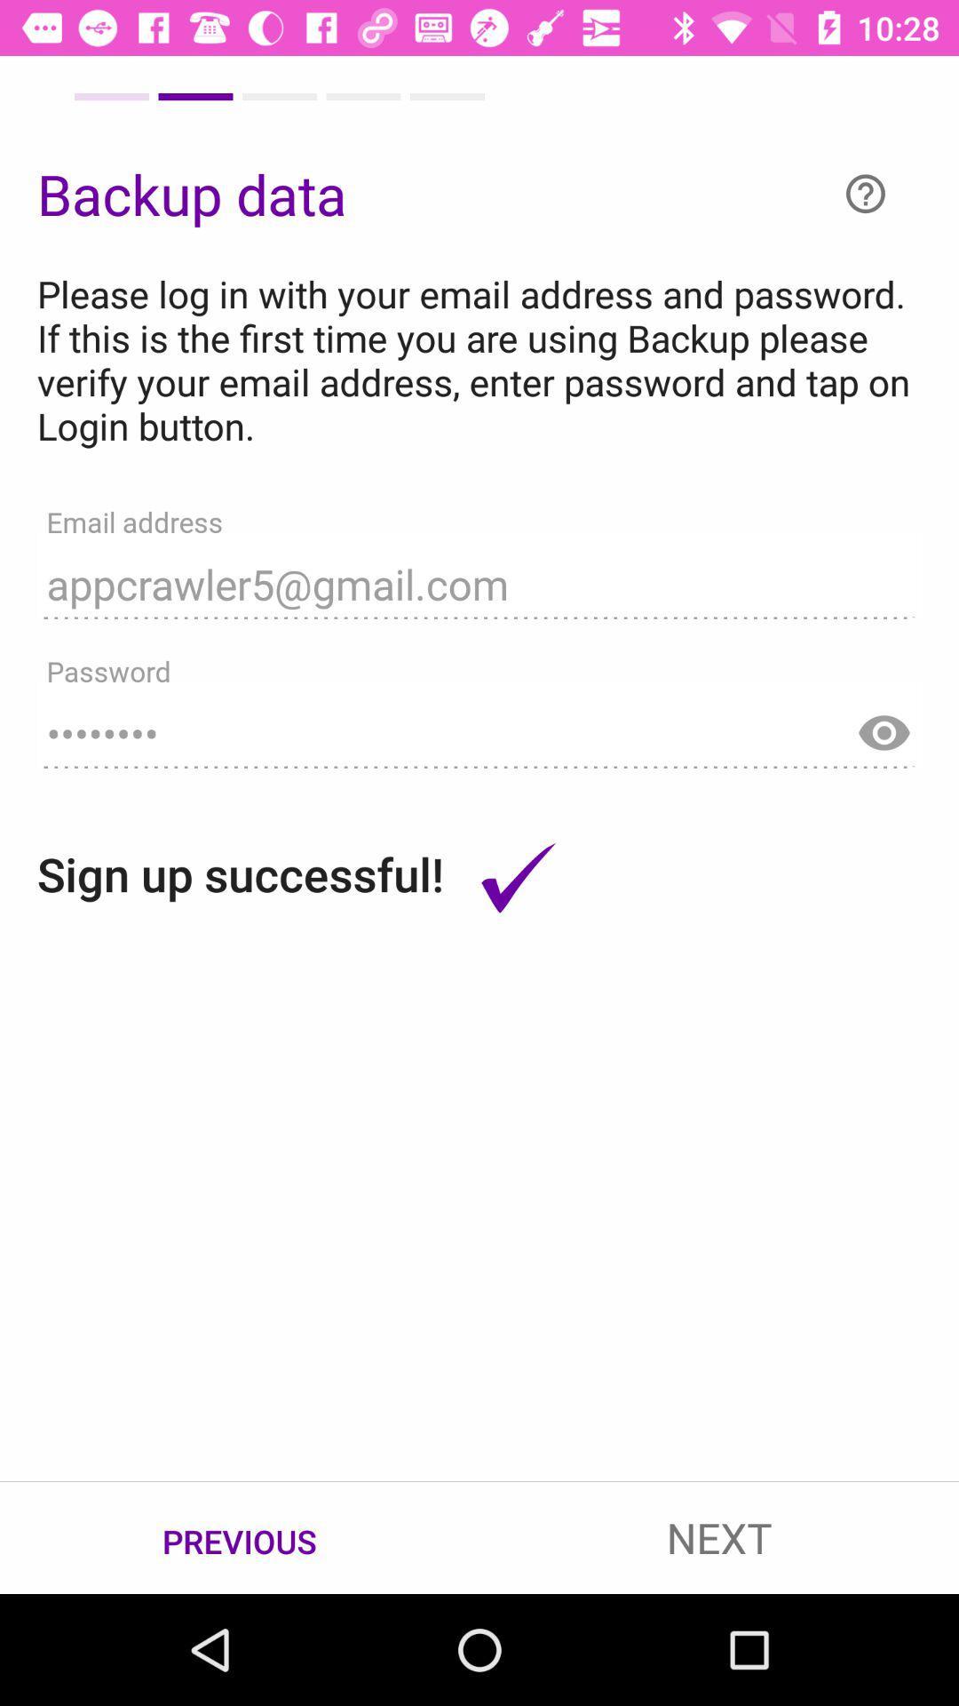 The image size is (959, 1706). What do you see at coordinates (240, 1538) in the screenshot?
I see `item at the bottom left corner` at bounding box center [240, 1538].